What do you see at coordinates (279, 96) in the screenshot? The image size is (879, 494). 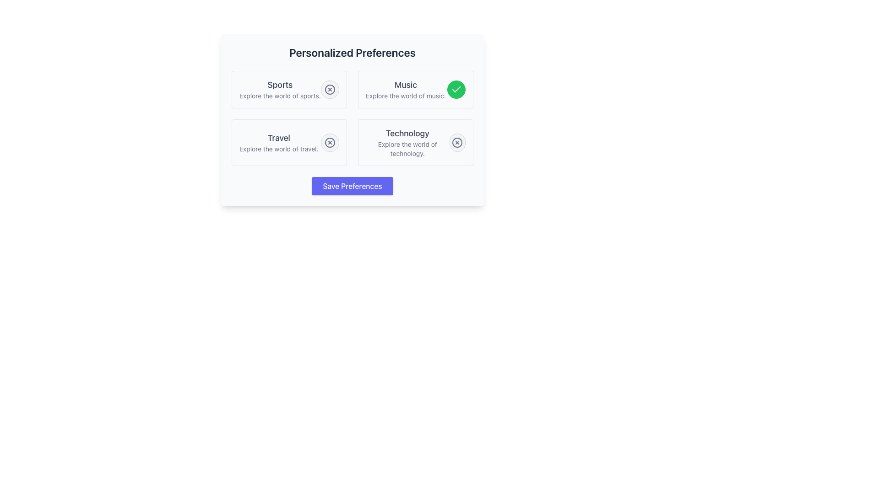 I see `the descriptive text label providing context for the 'Sports' preference option, located directly below the 'Sports' title in the upper-left quadrant of the user interface` at bounding box center [279, 96].